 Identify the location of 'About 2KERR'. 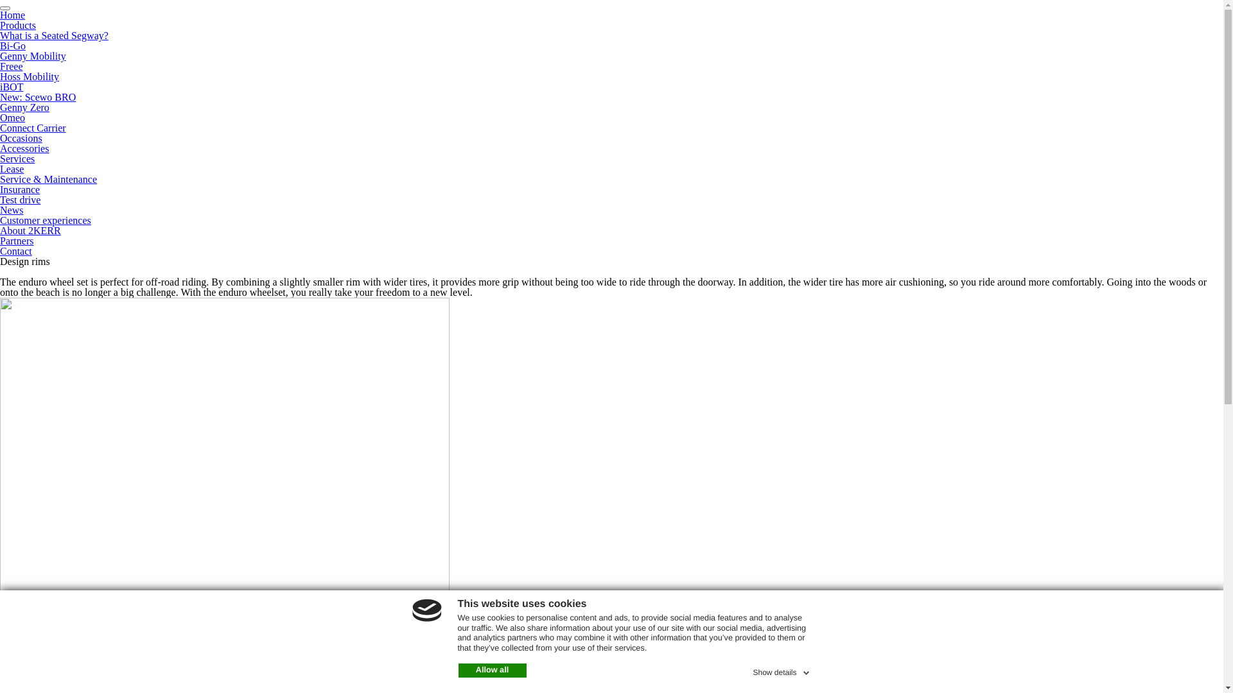
(30, 230).